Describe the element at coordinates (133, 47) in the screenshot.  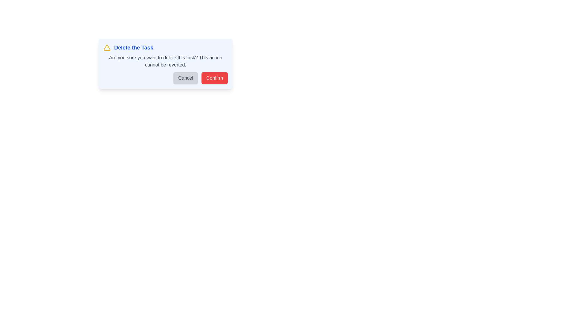
I see `the text label reading 'Delete the Task' which is styled in bold and deep blue color, positioned in the upper-left corner of a confirmation dialog box` at that location.